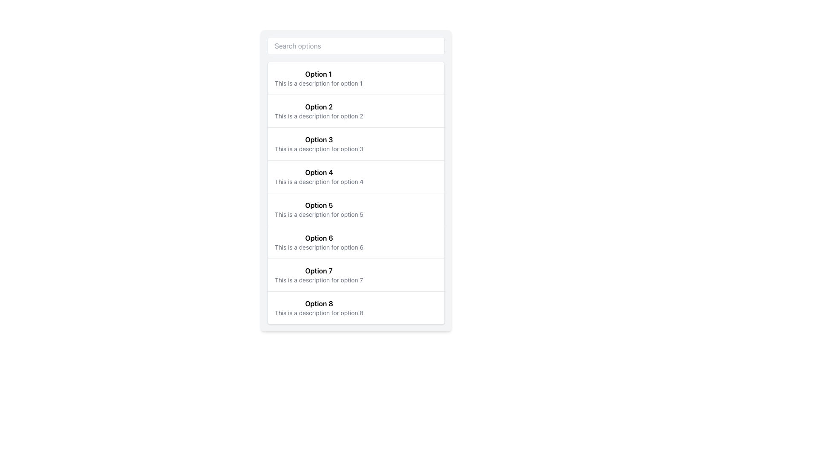  Describe the element at coordinates (319, 176) in the screenshot. I see `the List Item representing 'Option 4'` at that location.